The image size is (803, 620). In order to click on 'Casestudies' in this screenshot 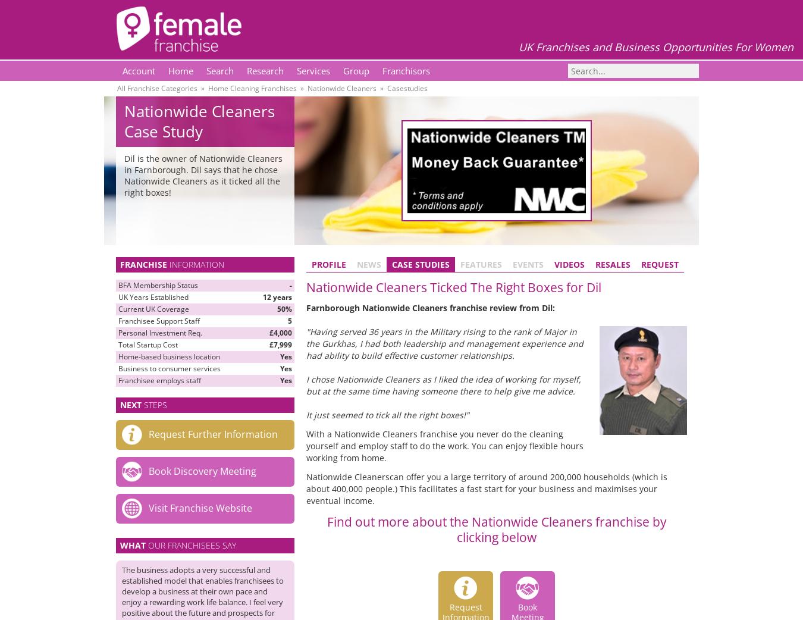, I will do `click(406, 88)`.